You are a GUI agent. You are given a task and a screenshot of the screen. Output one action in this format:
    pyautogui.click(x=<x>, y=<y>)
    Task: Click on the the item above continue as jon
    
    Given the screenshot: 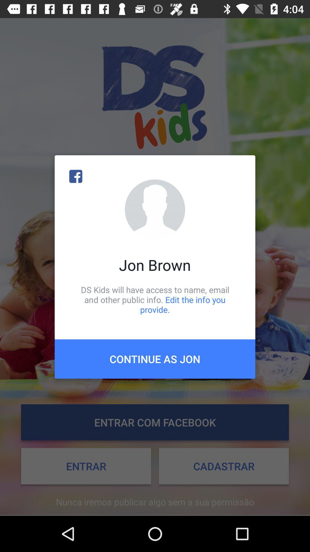 What is the action you would take?
    pyautogui.click(x=155, y=299)
    